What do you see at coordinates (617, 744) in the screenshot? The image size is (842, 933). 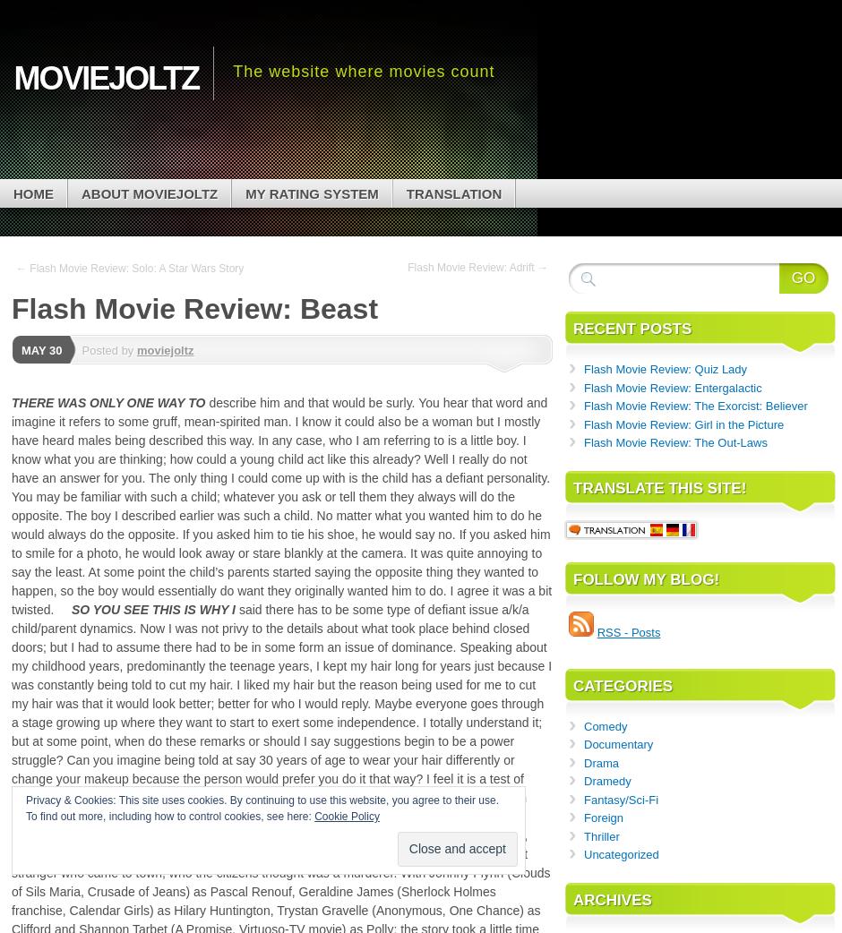 I see `'Documentary'` at bounding box center [617, 744].